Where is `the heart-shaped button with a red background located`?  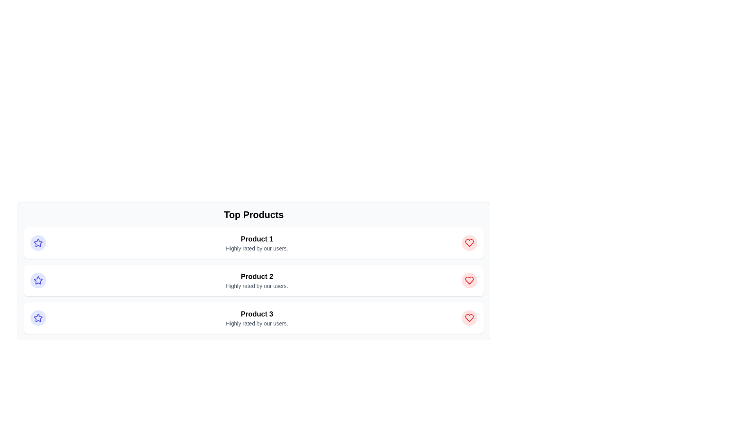
the heart-shaped button with a red background located is located at coordinates (469, 318).